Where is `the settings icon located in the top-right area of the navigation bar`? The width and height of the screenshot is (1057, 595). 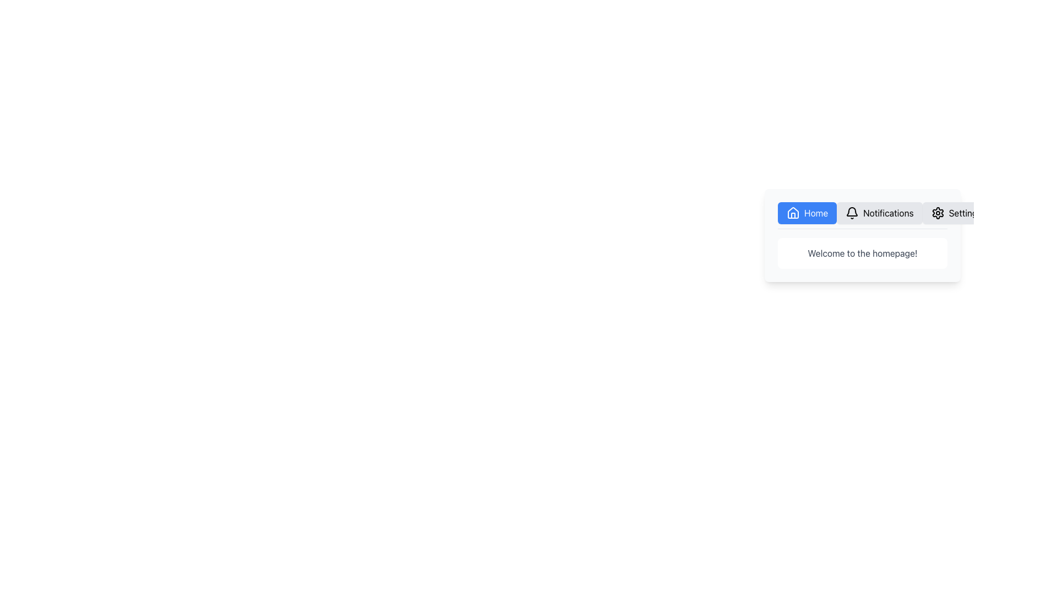
the settings icon located in the top-right area of the navigation bar is located at coordinates (937, 213).